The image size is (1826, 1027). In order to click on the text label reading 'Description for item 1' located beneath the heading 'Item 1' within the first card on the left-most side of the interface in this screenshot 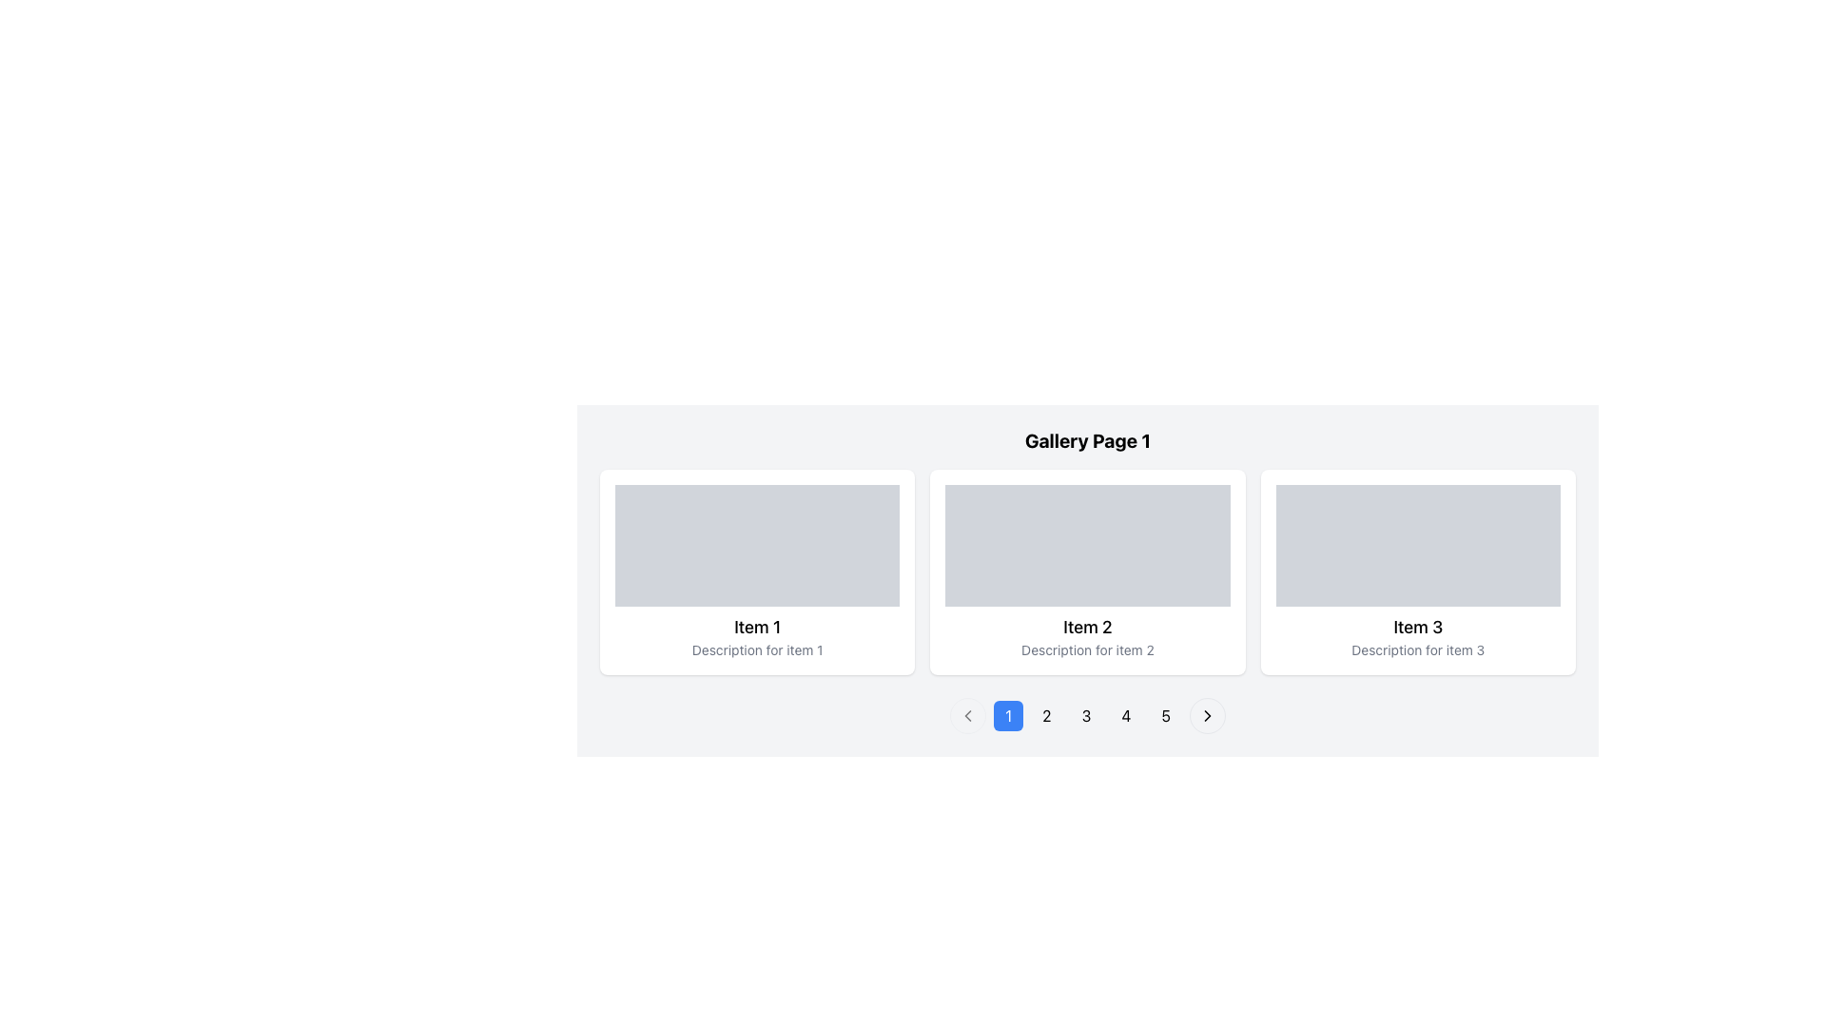, I will do `click(756, 649)`.